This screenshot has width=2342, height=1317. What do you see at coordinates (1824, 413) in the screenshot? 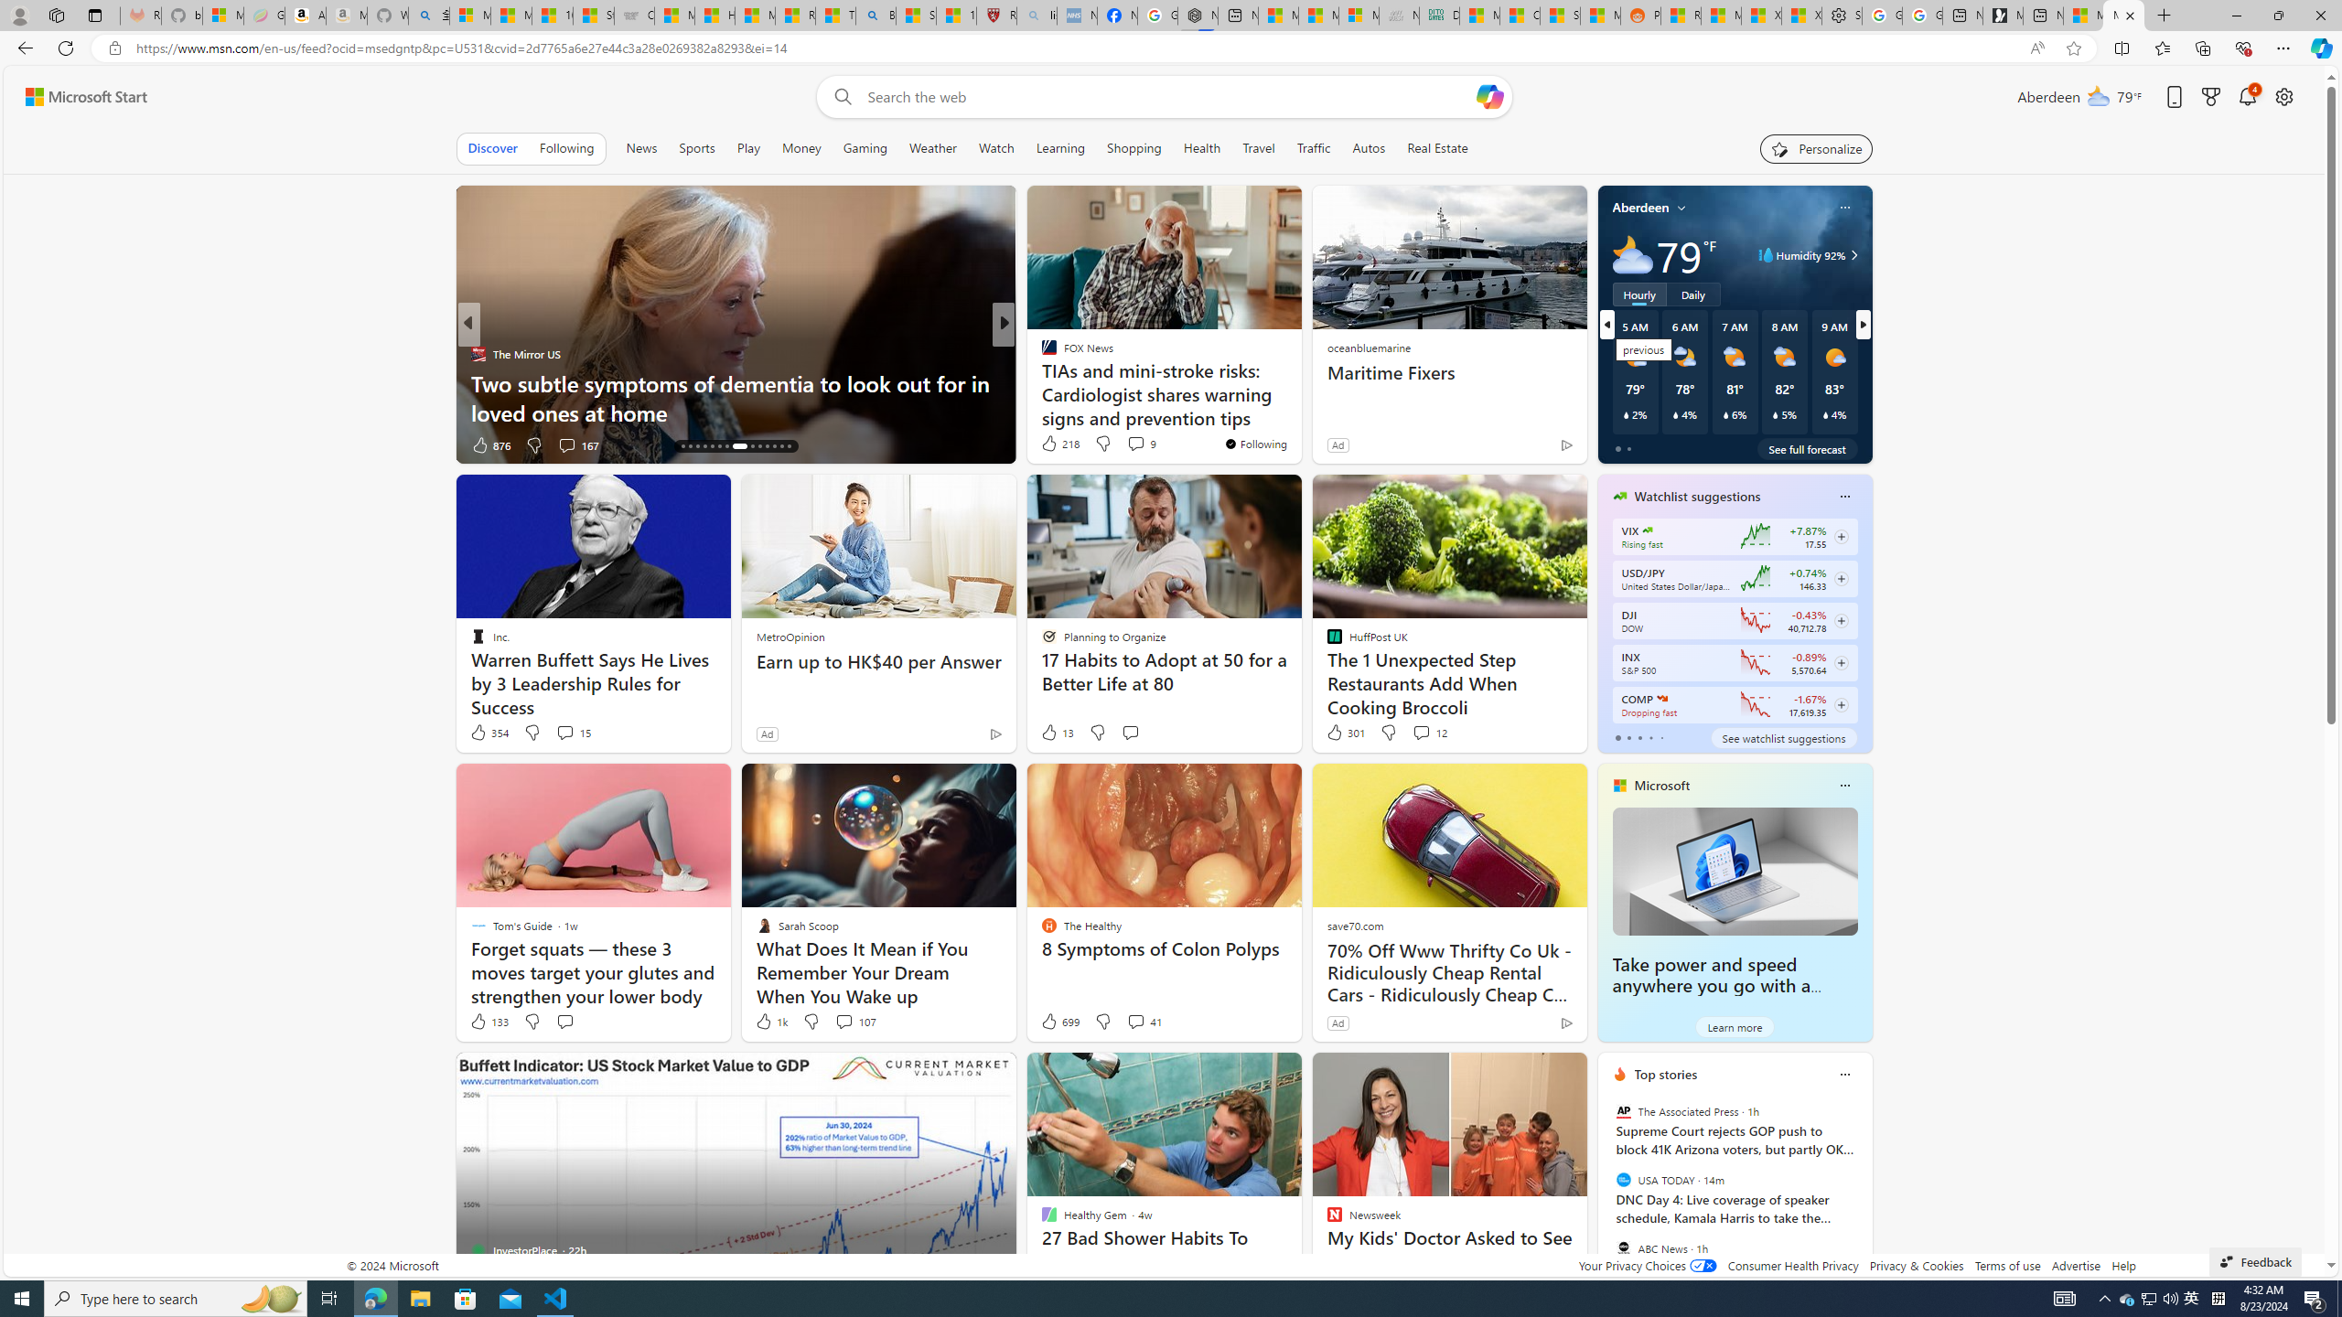
I see `'Class: weather-current-precipitation-glyph'` at bounding box center [1824, 413].